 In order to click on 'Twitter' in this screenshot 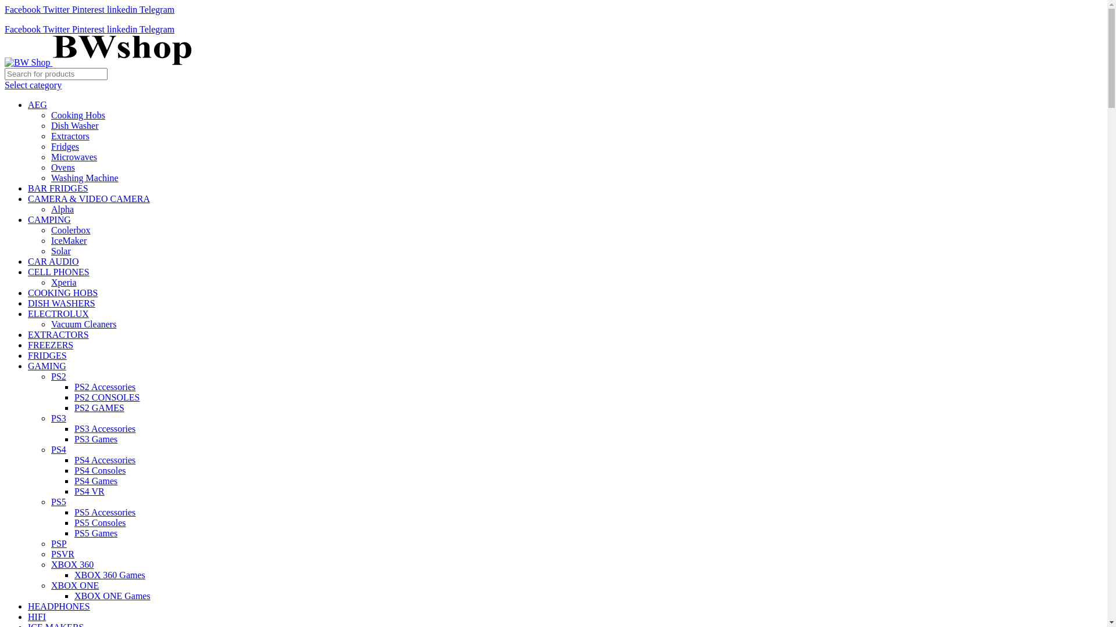, I will do `click(57, 28)`.